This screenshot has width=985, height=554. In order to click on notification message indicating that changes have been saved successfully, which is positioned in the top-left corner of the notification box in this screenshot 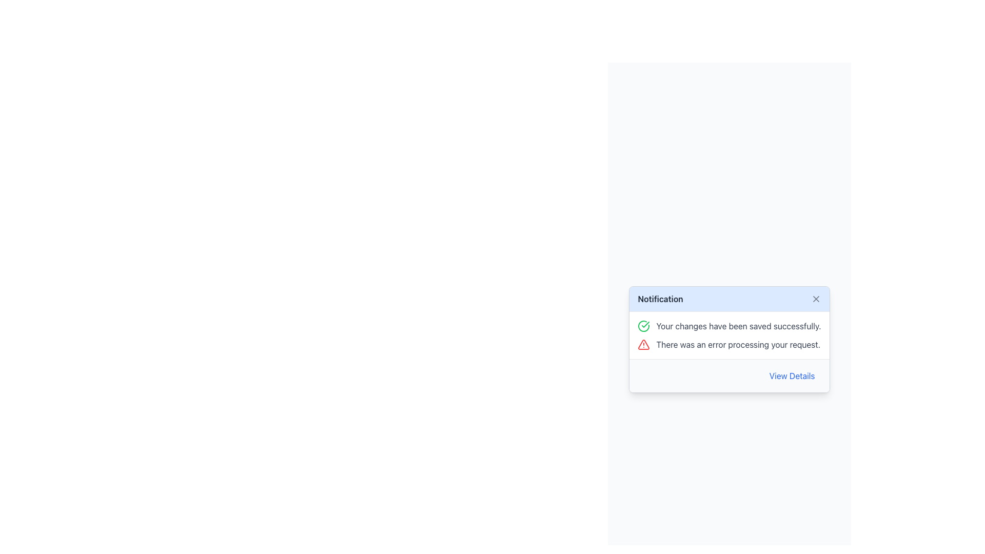, I will do `click(728, 326)`.